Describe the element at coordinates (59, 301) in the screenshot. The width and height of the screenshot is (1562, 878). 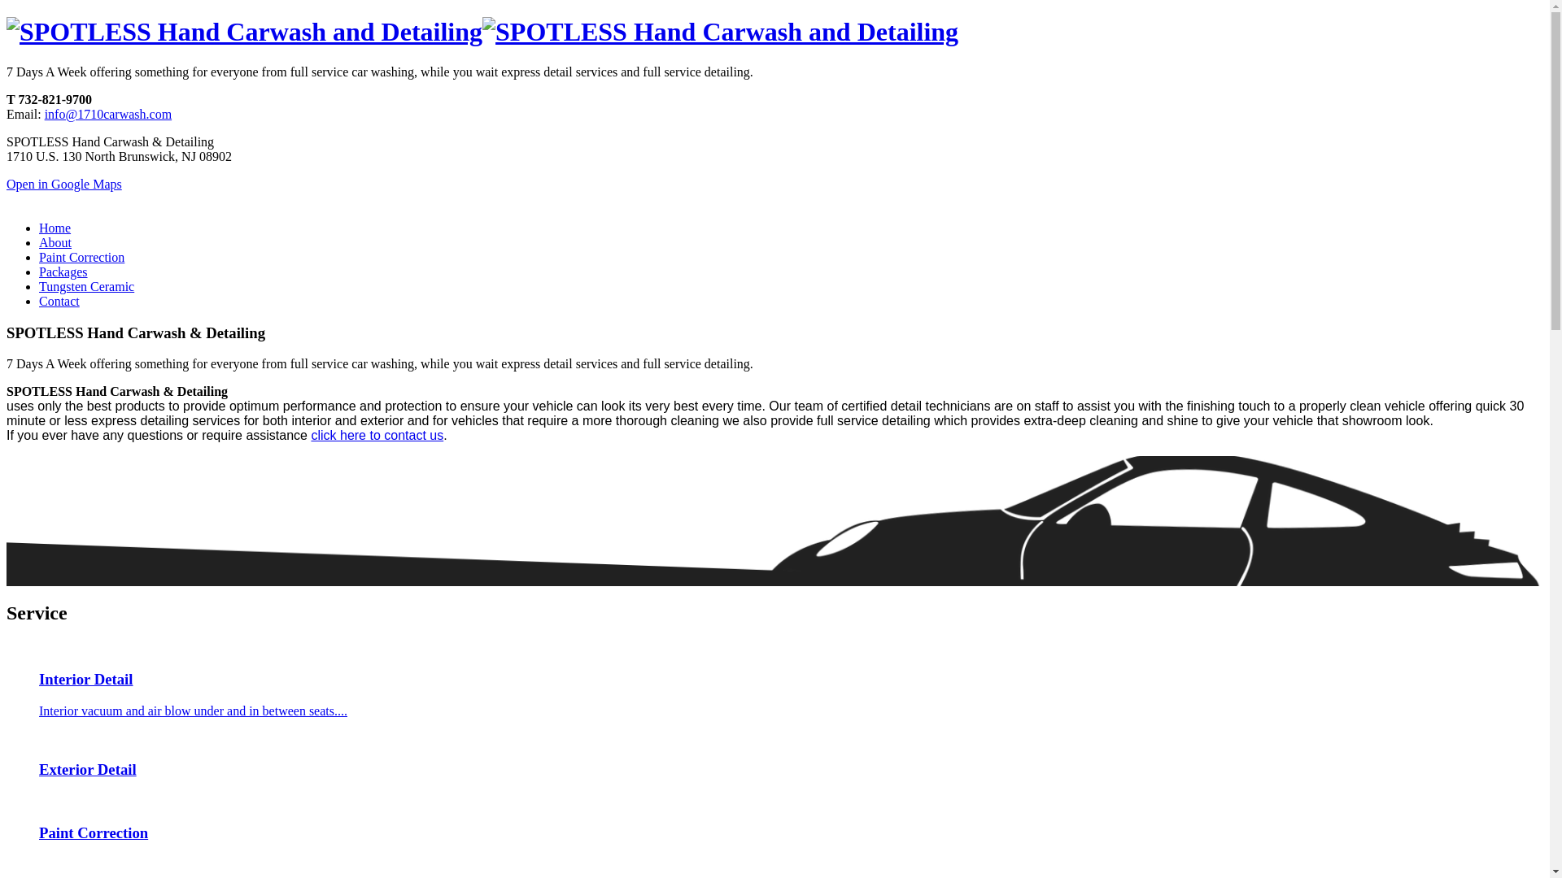
I see `'Contact'` at that location.